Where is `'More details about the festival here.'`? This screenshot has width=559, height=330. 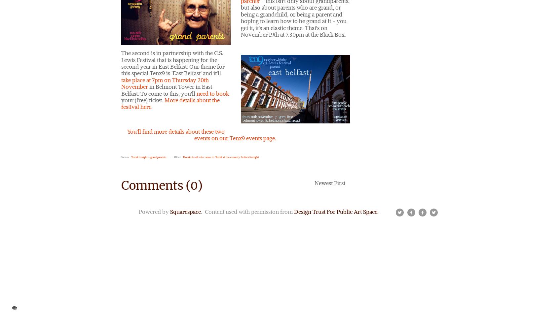 'More details about the festival here.' is located at coordinates (170, 103).